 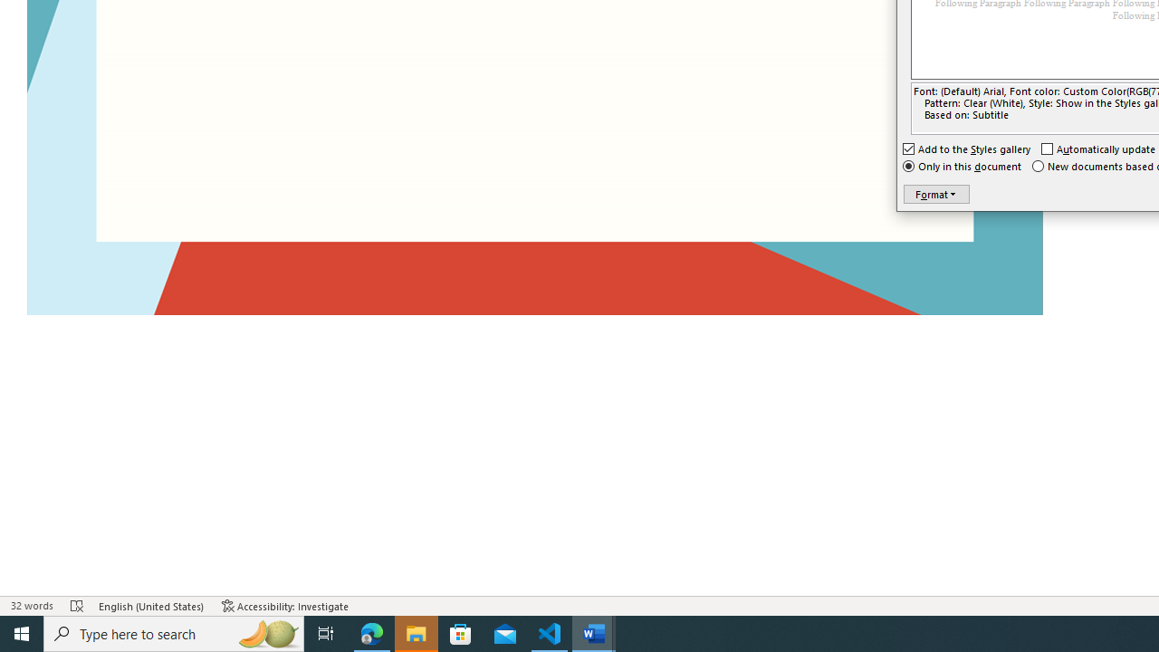 What do you see at coordinates (966, 148) in the screenshot?
I see `'Add to the Styles gallery'` at bounding box center [966, 148].